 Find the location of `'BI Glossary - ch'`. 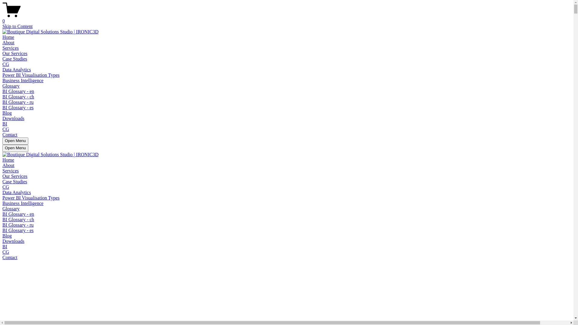

'BI Glossary - ch' is located at coordinates (2, 96).